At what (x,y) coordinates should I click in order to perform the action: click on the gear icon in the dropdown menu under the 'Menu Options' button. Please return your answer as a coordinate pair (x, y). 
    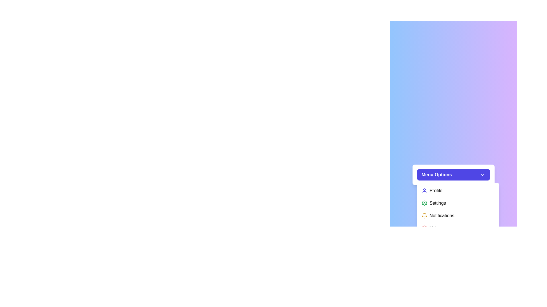
    Looking at the image, I should click on (424, 203).